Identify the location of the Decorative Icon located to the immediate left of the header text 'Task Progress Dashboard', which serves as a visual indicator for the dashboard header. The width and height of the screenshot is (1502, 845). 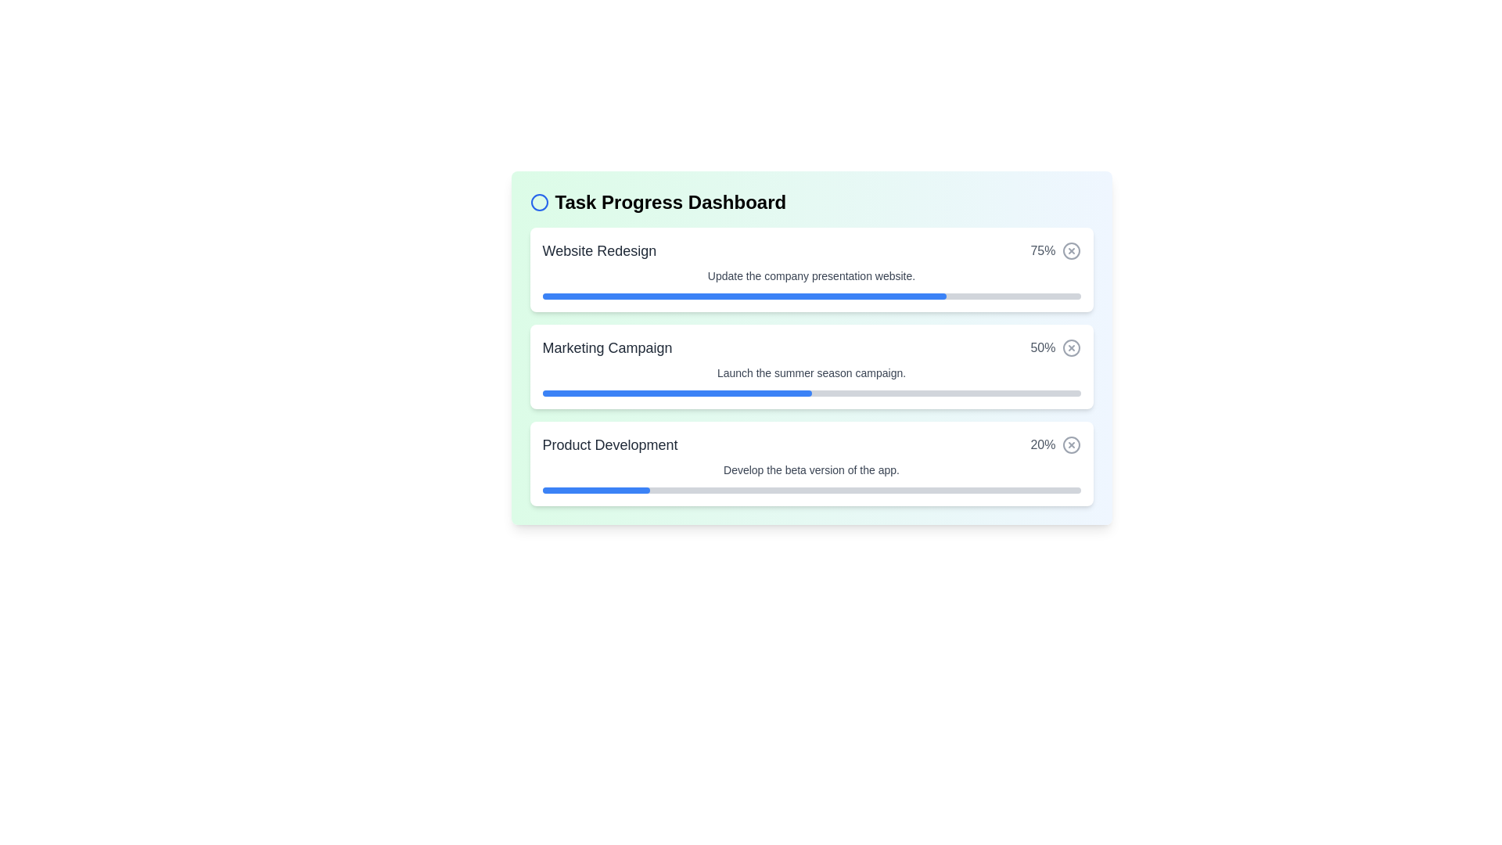
(539, 201).